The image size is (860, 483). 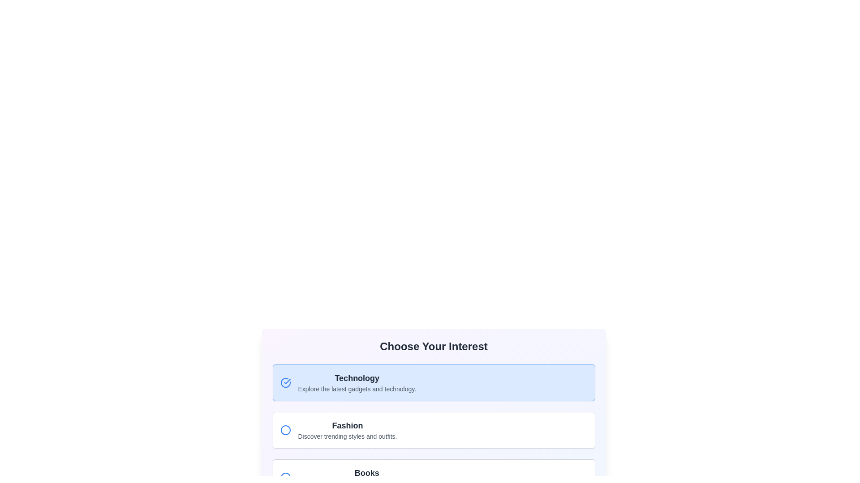 I want to click on the Text Label displaying 'Technology', which is styled in bold, larger font, and is dark gray in color, located within the 'Choose Your Interest' section, so click(x=357, y=378).